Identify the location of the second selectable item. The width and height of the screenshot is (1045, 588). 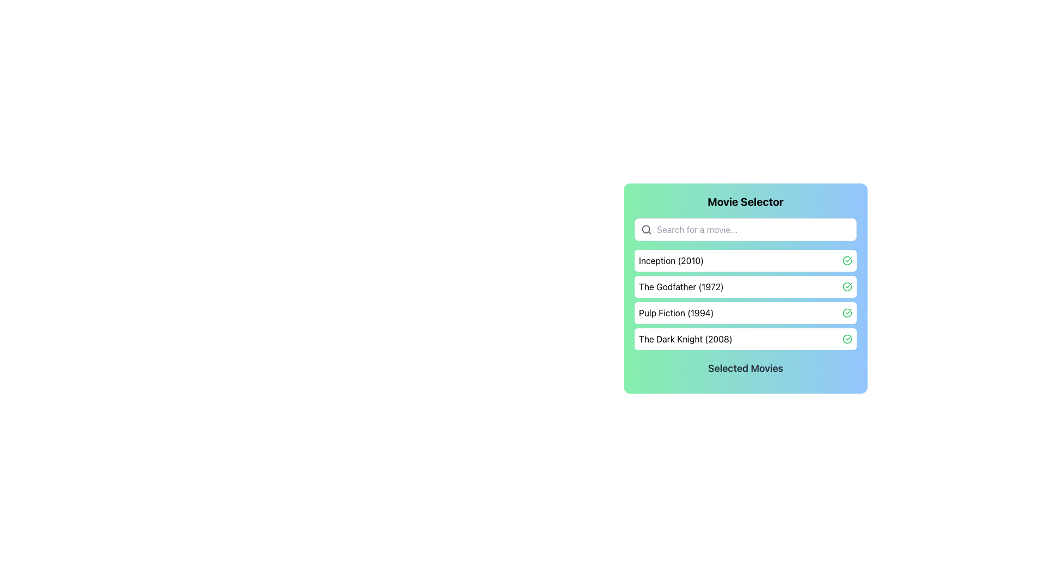
(745, 287).